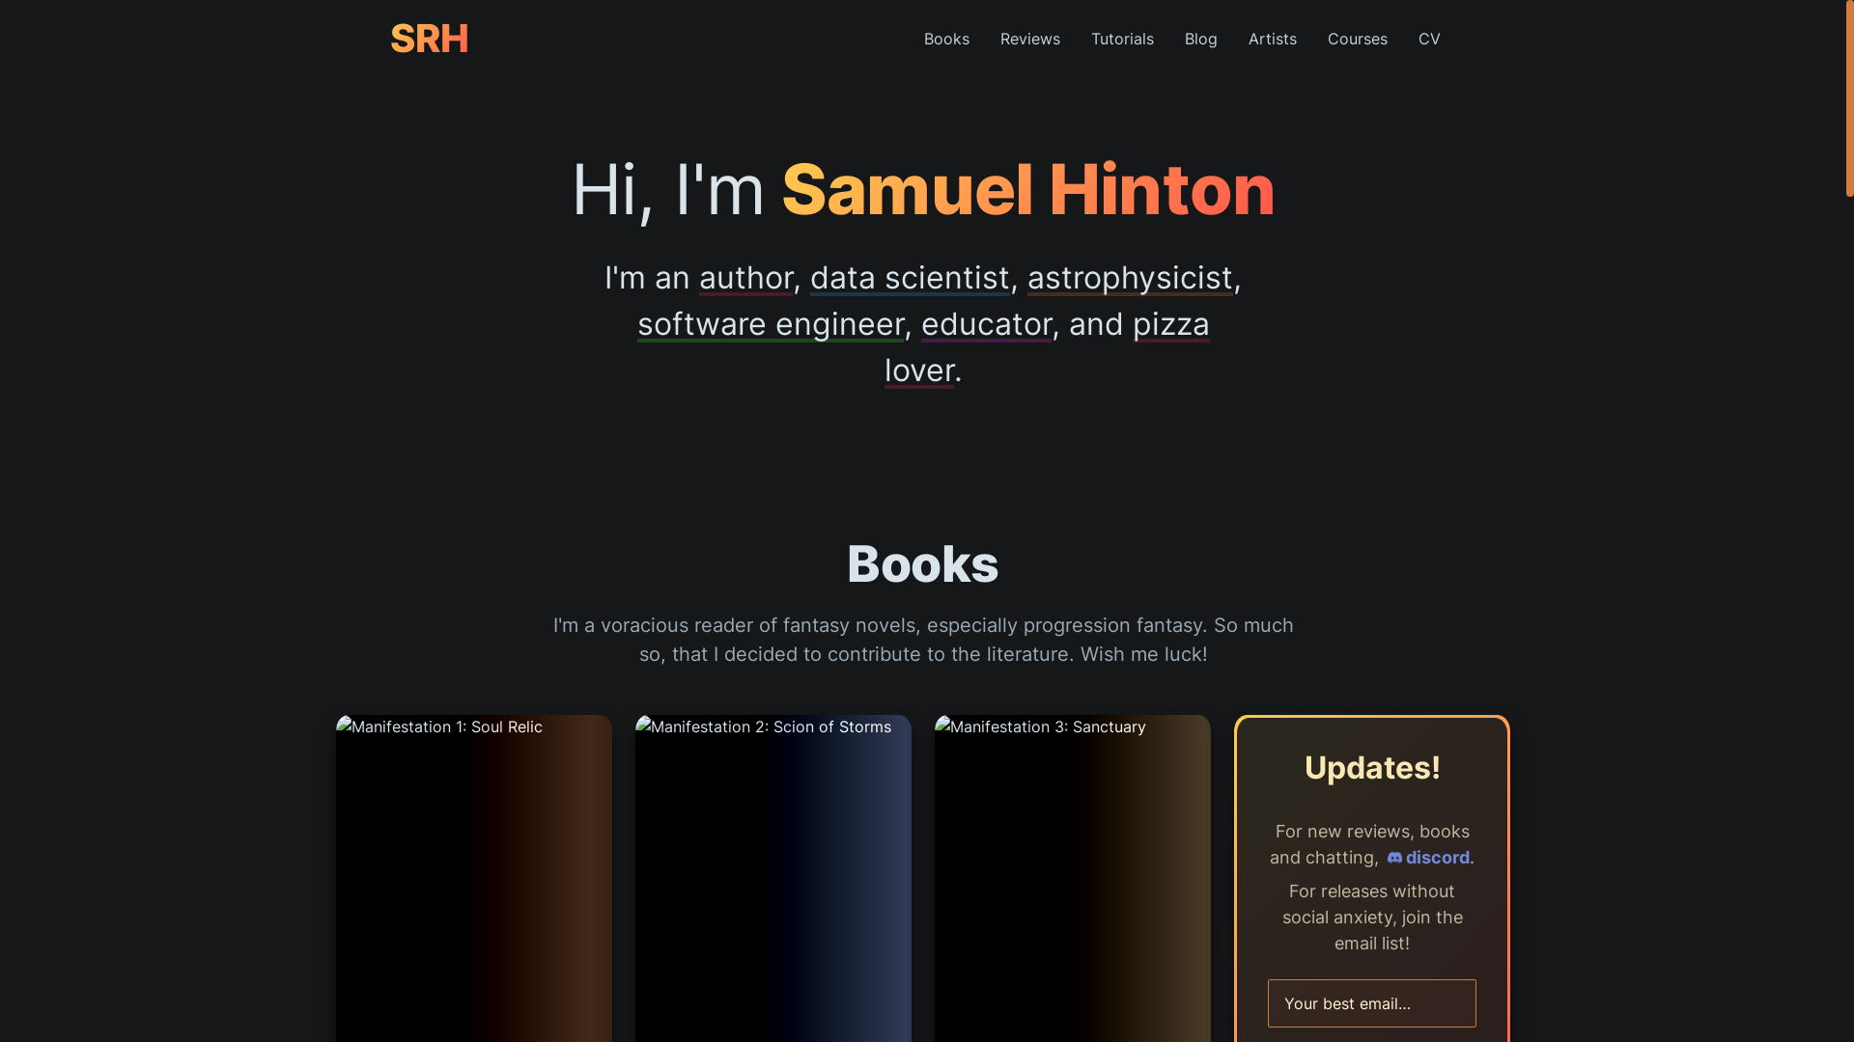 The height and width of the screenshot is (1042, 1854). I want to click on 'Books', so click(907, 38).